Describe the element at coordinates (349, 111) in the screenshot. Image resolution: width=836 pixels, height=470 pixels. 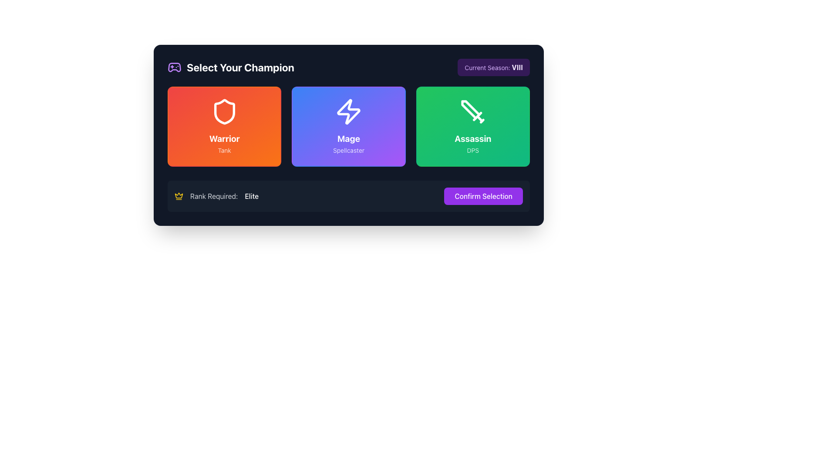
I see `the lightning bolt icon on the Mage card, which is the second option in a horizontal list of class cards` at that location.